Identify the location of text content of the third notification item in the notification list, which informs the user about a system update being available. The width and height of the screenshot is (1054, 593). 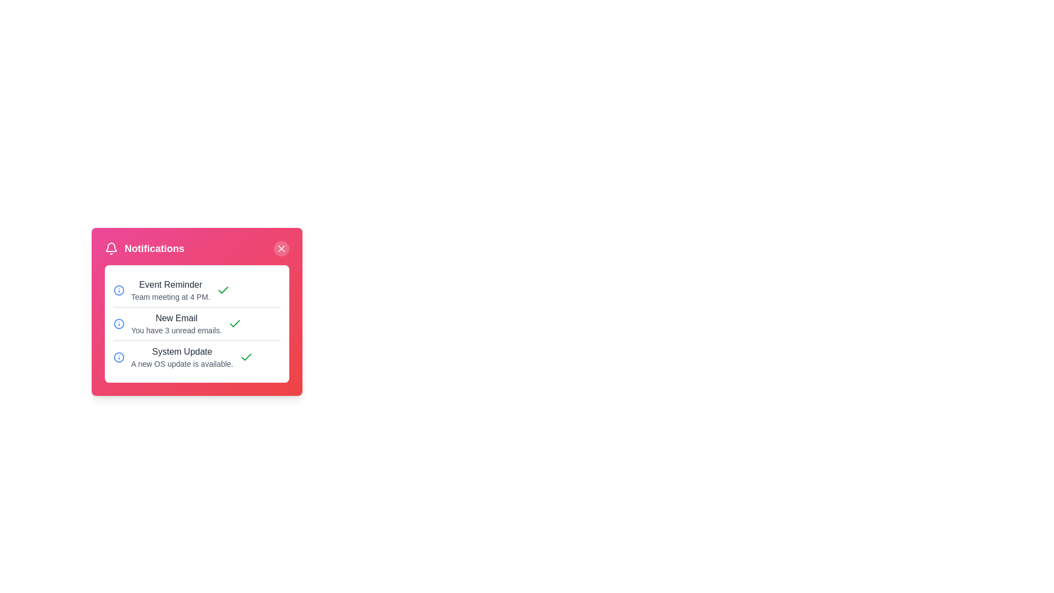
(182, 357).